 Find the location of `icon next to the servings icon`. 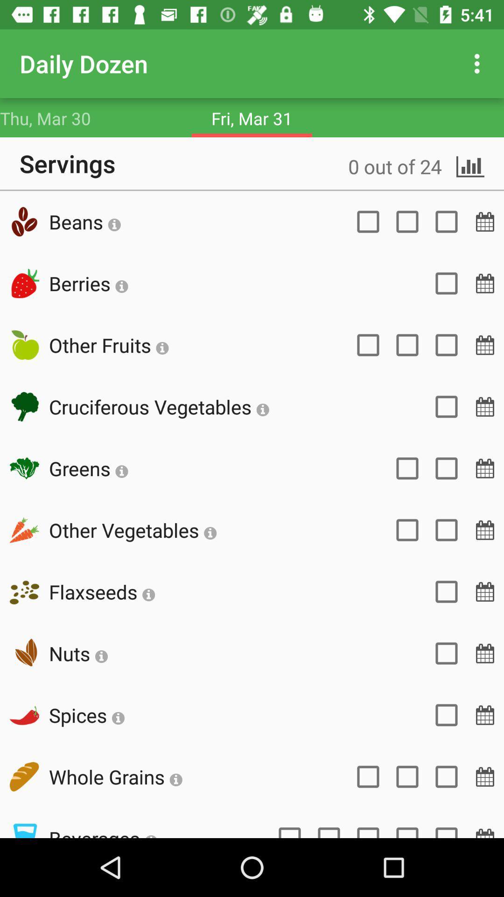

icon next to the servings icon is located at coordinates (378, 163).